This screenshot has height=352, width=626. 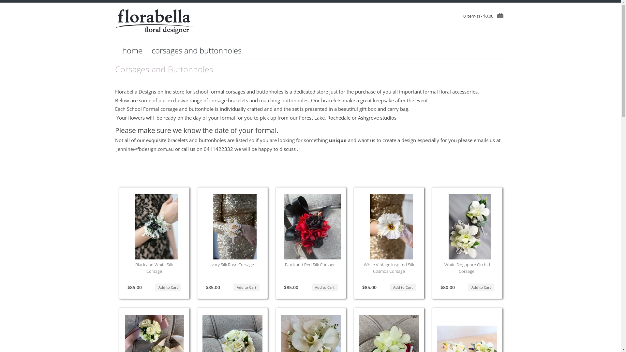 What do you see at coordinates (469, 226) in the screenshot?
I see `'  White Singapore Orchid Corsage. '` at bounding box center [469, 226].